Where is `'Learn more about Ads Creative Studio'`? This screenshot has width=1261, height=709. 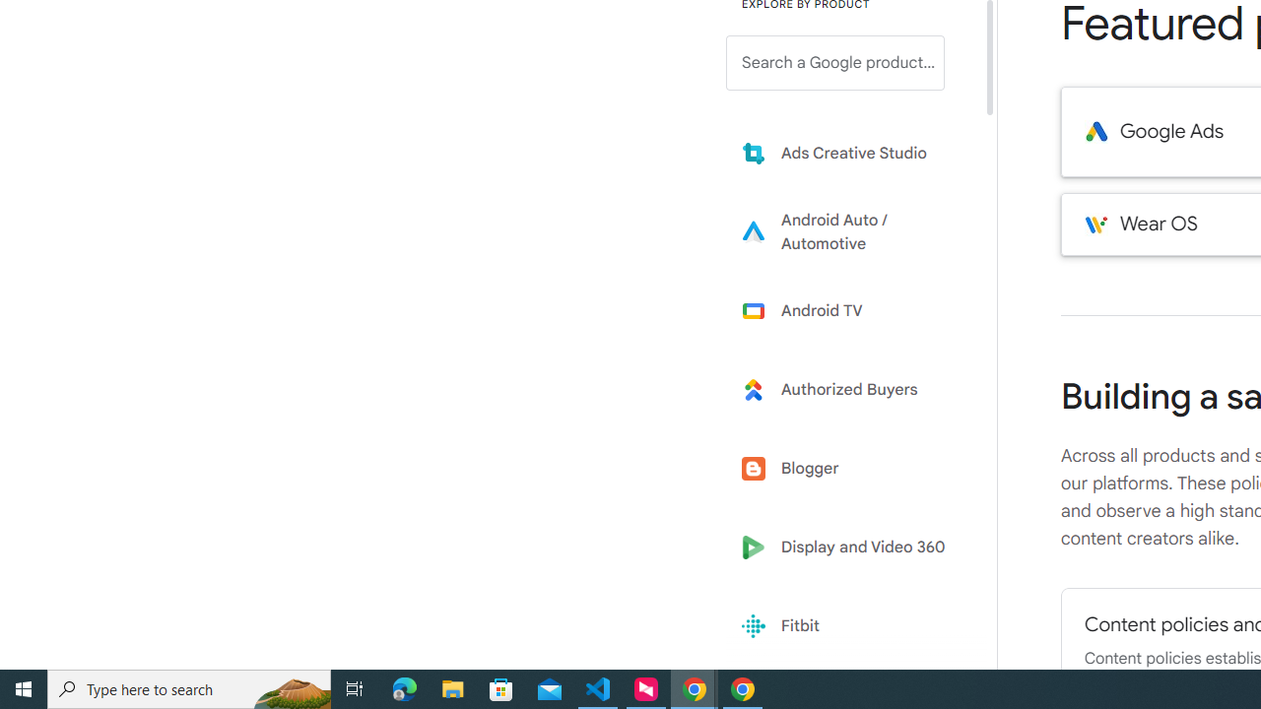
'Learn more about Ads Creative Studio' is located at coordinates (849, 152).